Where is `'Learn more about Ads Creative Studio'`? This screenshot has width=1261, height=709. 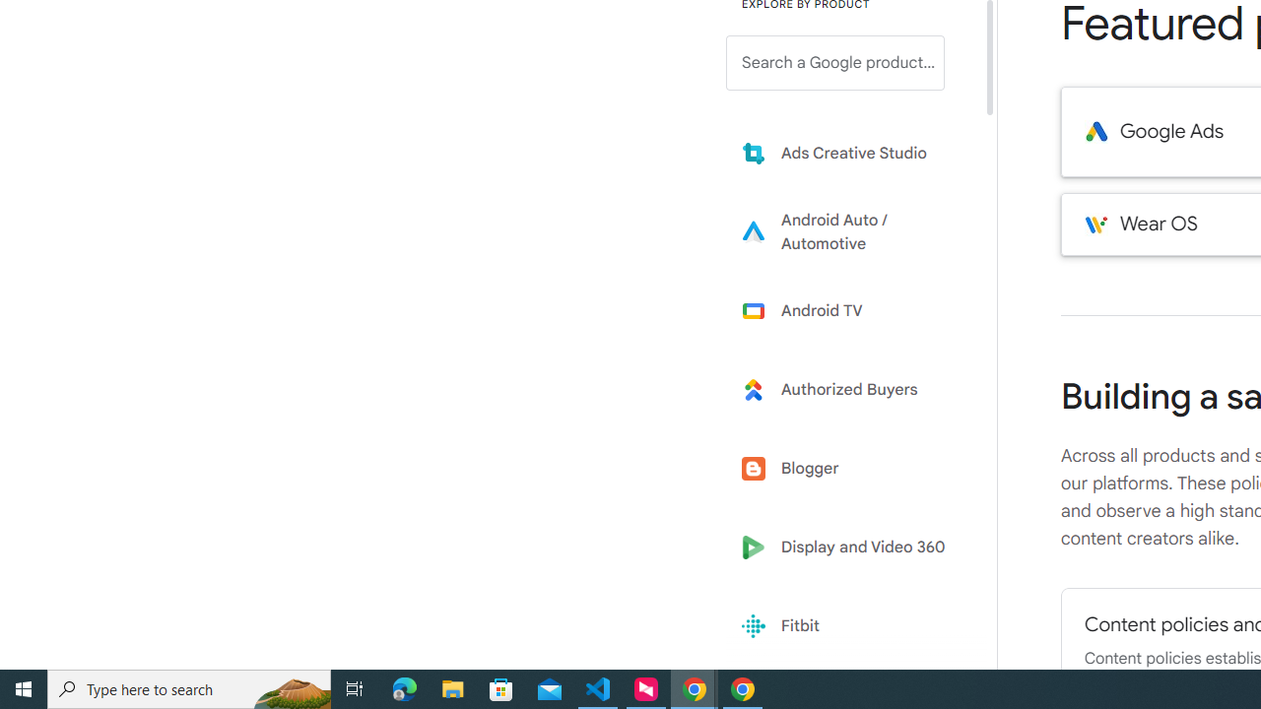
'Learn more about Ads Creative Studio' is located at coordinates (849, 152).